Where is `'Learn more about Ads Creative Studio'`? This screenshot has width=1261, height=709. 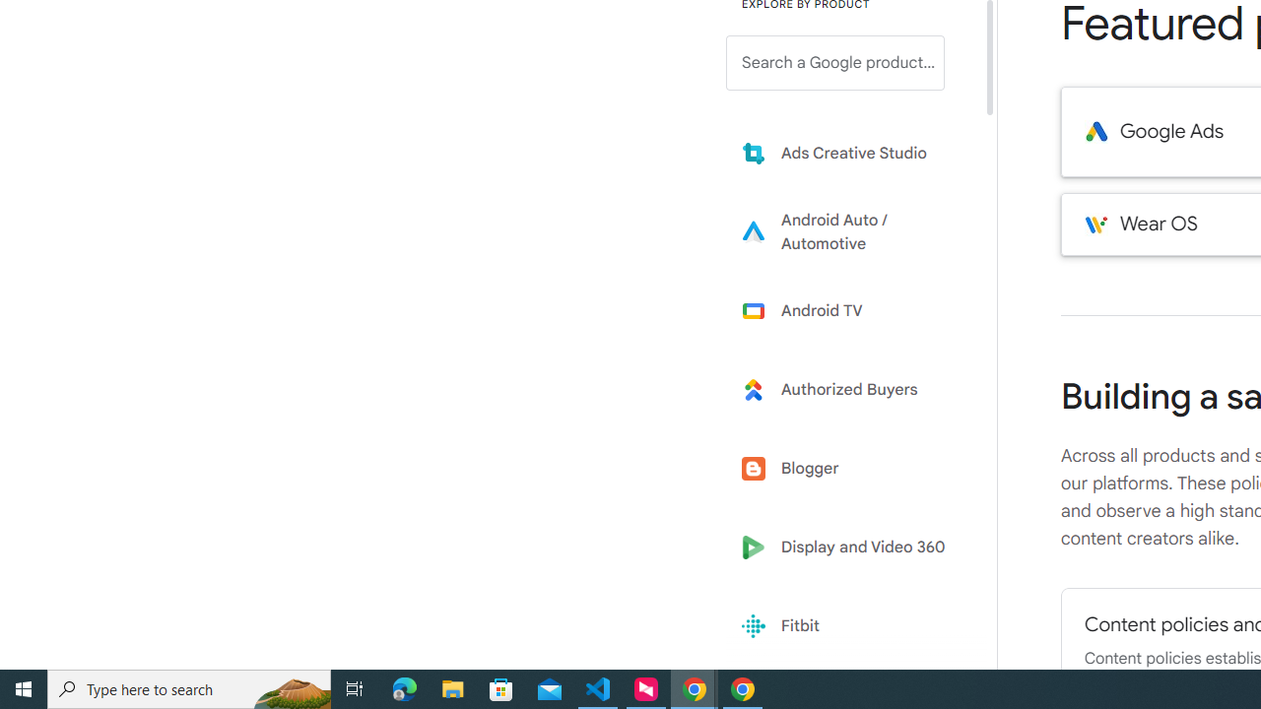
'Learn more about Ads Creative Studio' is located at coordinates (849, 152).